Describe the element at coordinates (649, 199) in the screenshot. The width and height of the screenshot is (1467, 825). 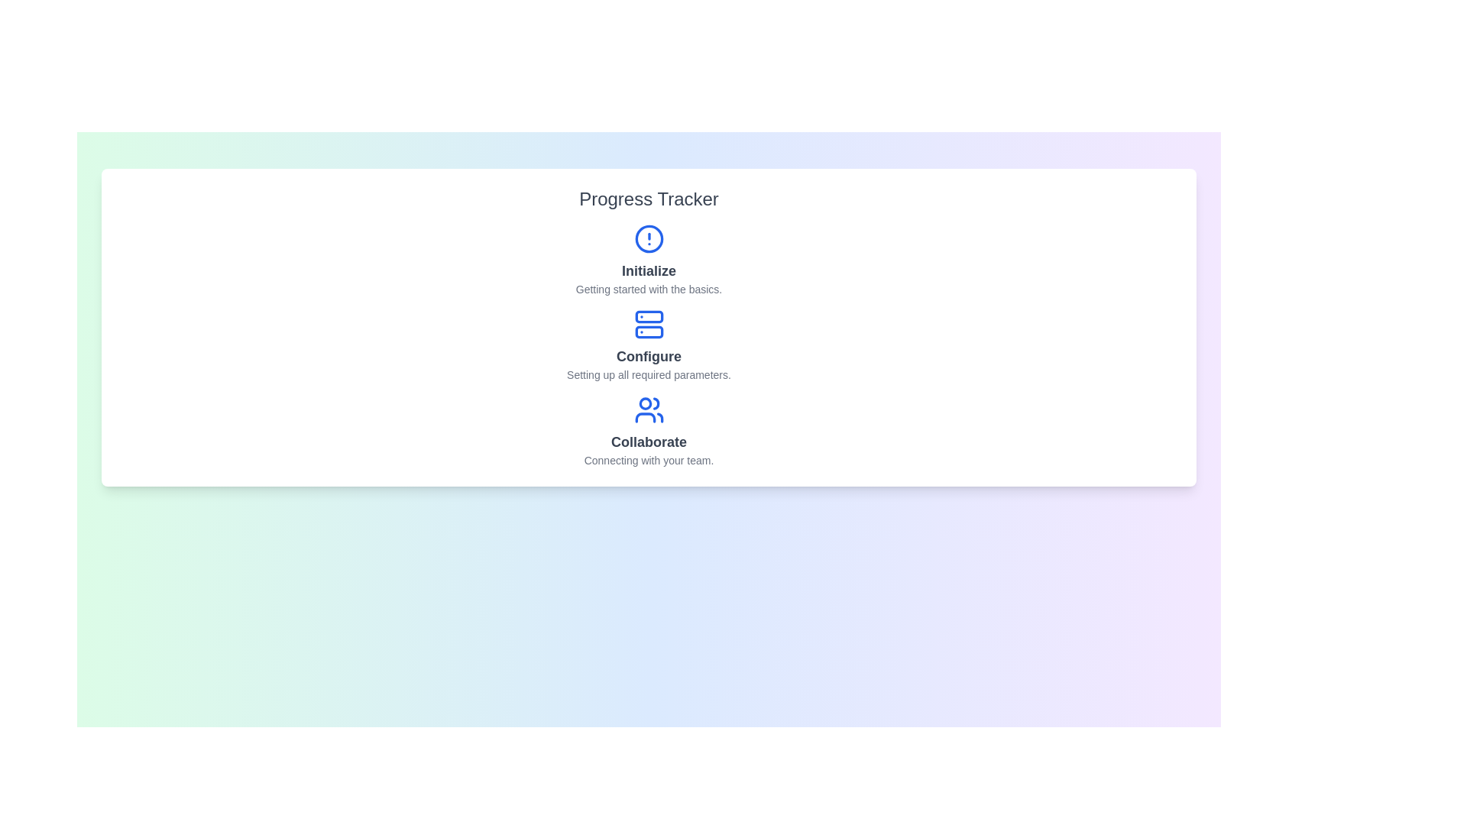
I see `the text 'Progress Tracker' to select it` at that location.